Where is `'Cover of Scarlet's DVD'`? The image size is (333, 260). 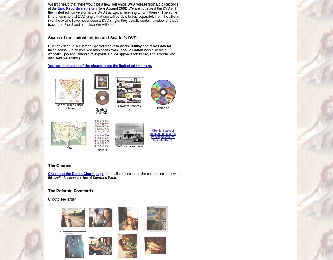
'Cover of Scarlet's DVD' is located at coordinates (129, 108).